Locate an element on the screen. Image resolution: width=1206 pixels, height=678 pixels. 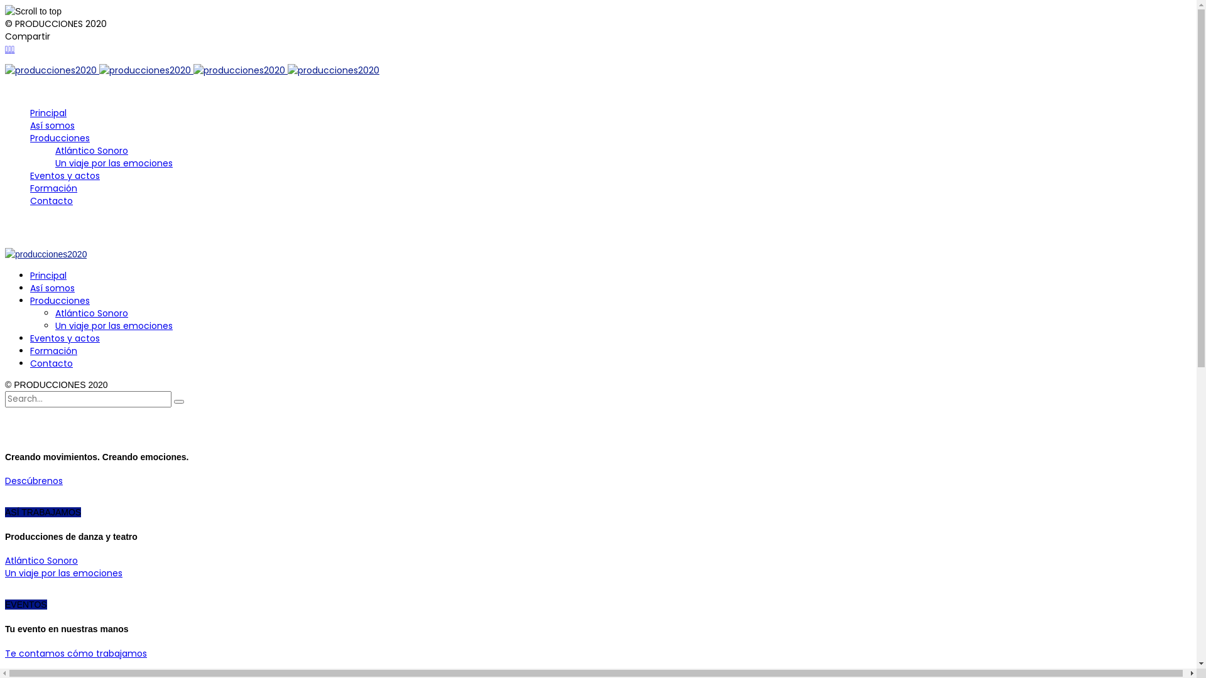
'Eventos y actos' is located at coordinates (64, 176).